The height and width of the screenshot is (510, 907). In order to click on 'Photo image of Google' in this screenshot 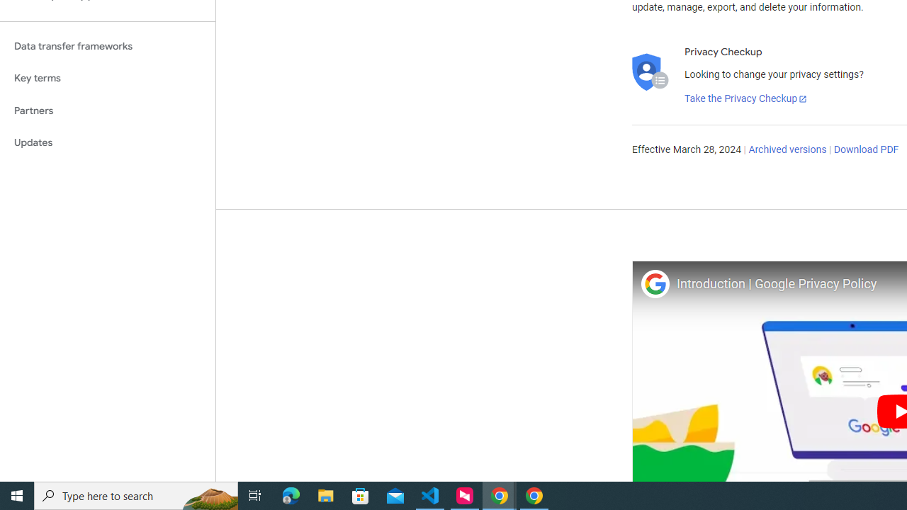, I will do `click(654, 283)`.